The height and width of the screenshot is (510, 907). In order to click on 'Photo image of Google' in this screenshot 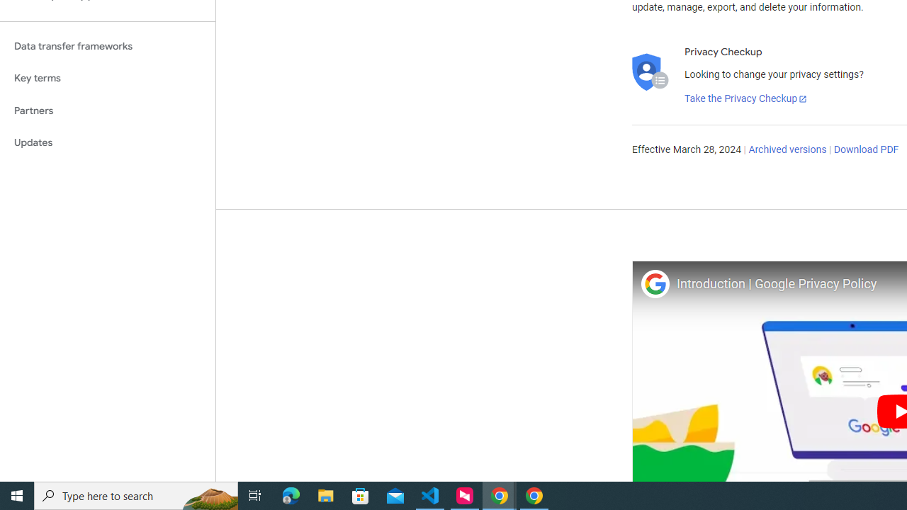, I will do `click(654, 283)`.